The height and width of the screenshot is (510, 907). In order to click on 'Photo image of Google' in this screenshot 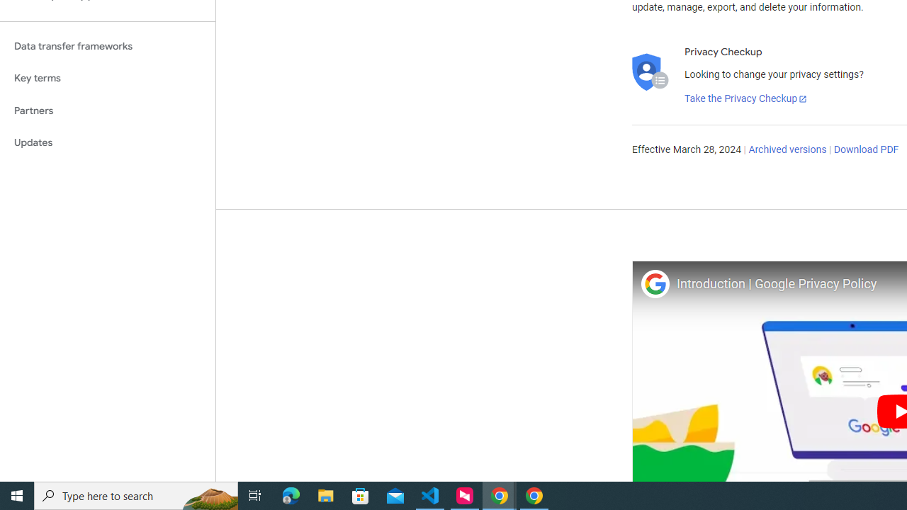, I will do `click(654, 283)`.